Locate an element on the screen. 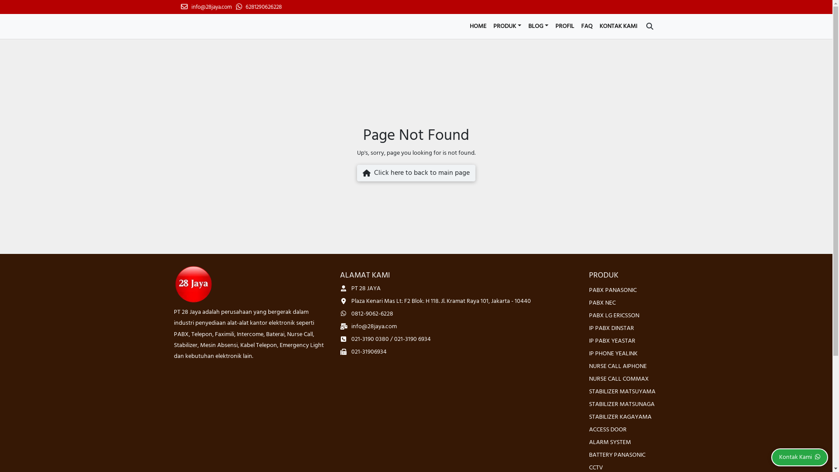  'Kontak Kami' is located at coordinates (799, 457).